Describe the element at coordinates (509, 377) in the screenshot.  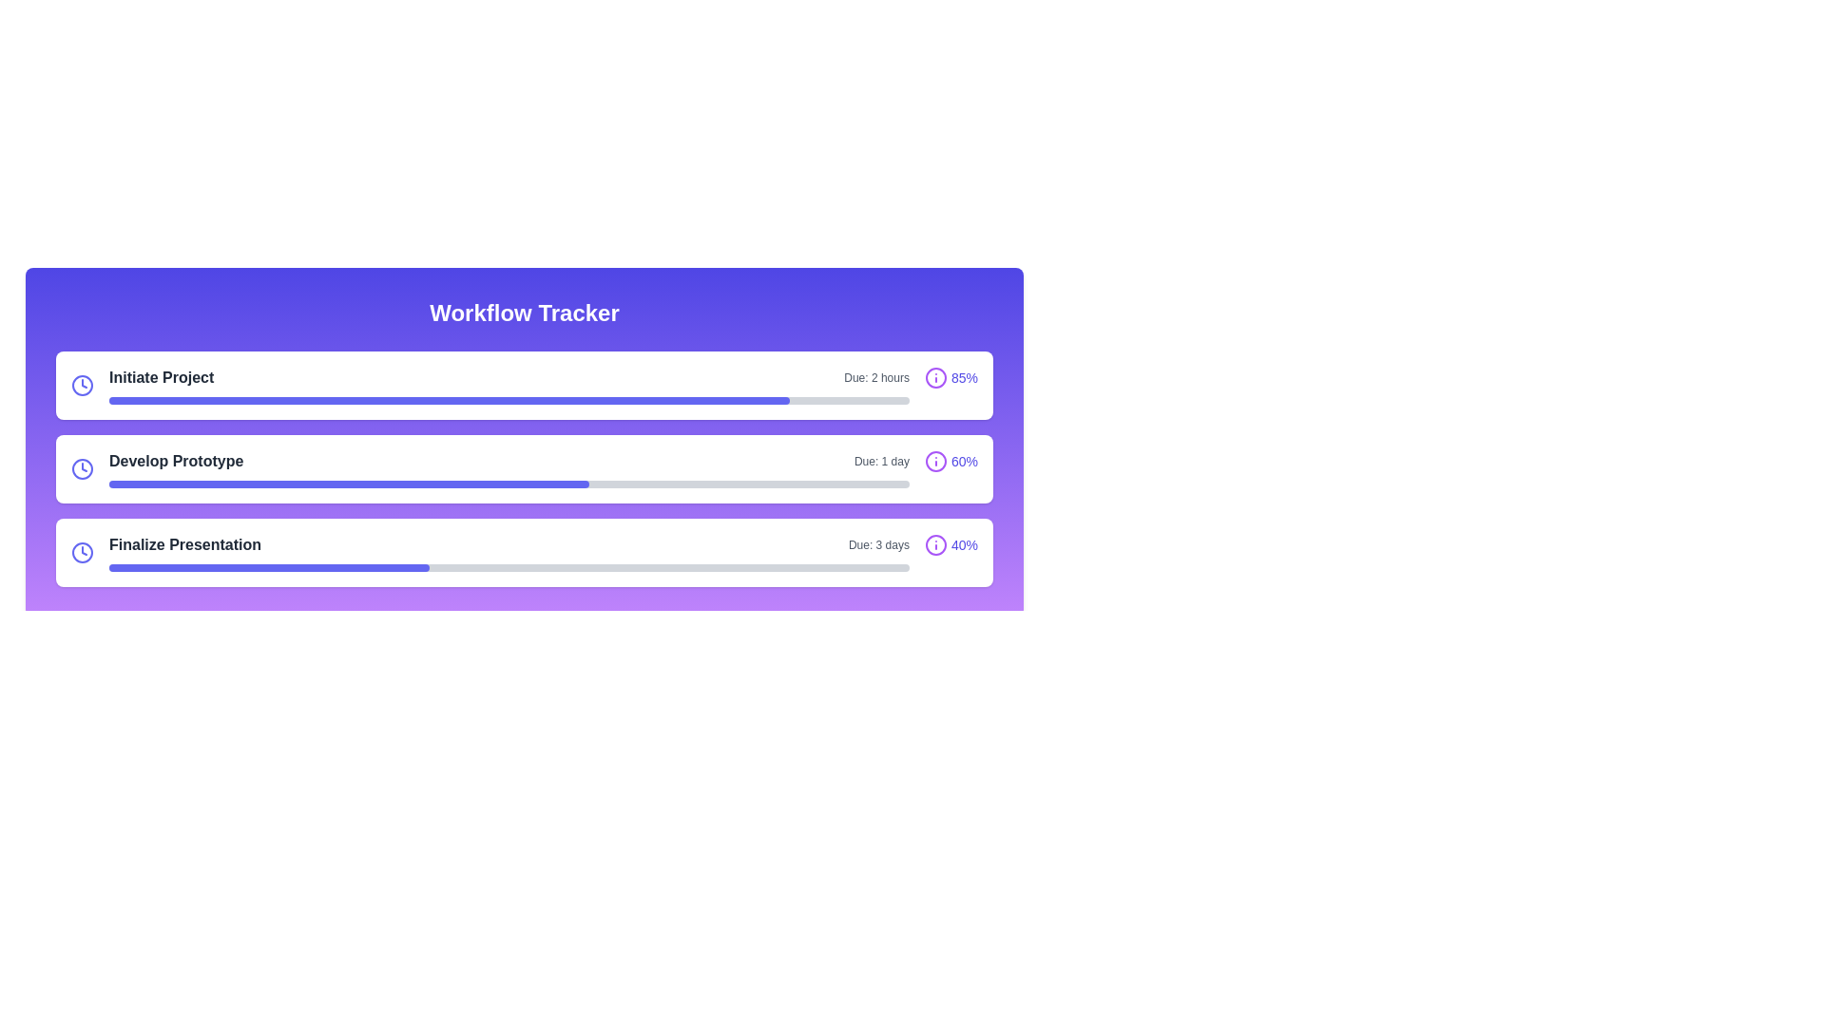
I see `the composite layout element displaying summary information about the task titled 'Initiate Project' with due time 'Due: 2 hours'` at that location.